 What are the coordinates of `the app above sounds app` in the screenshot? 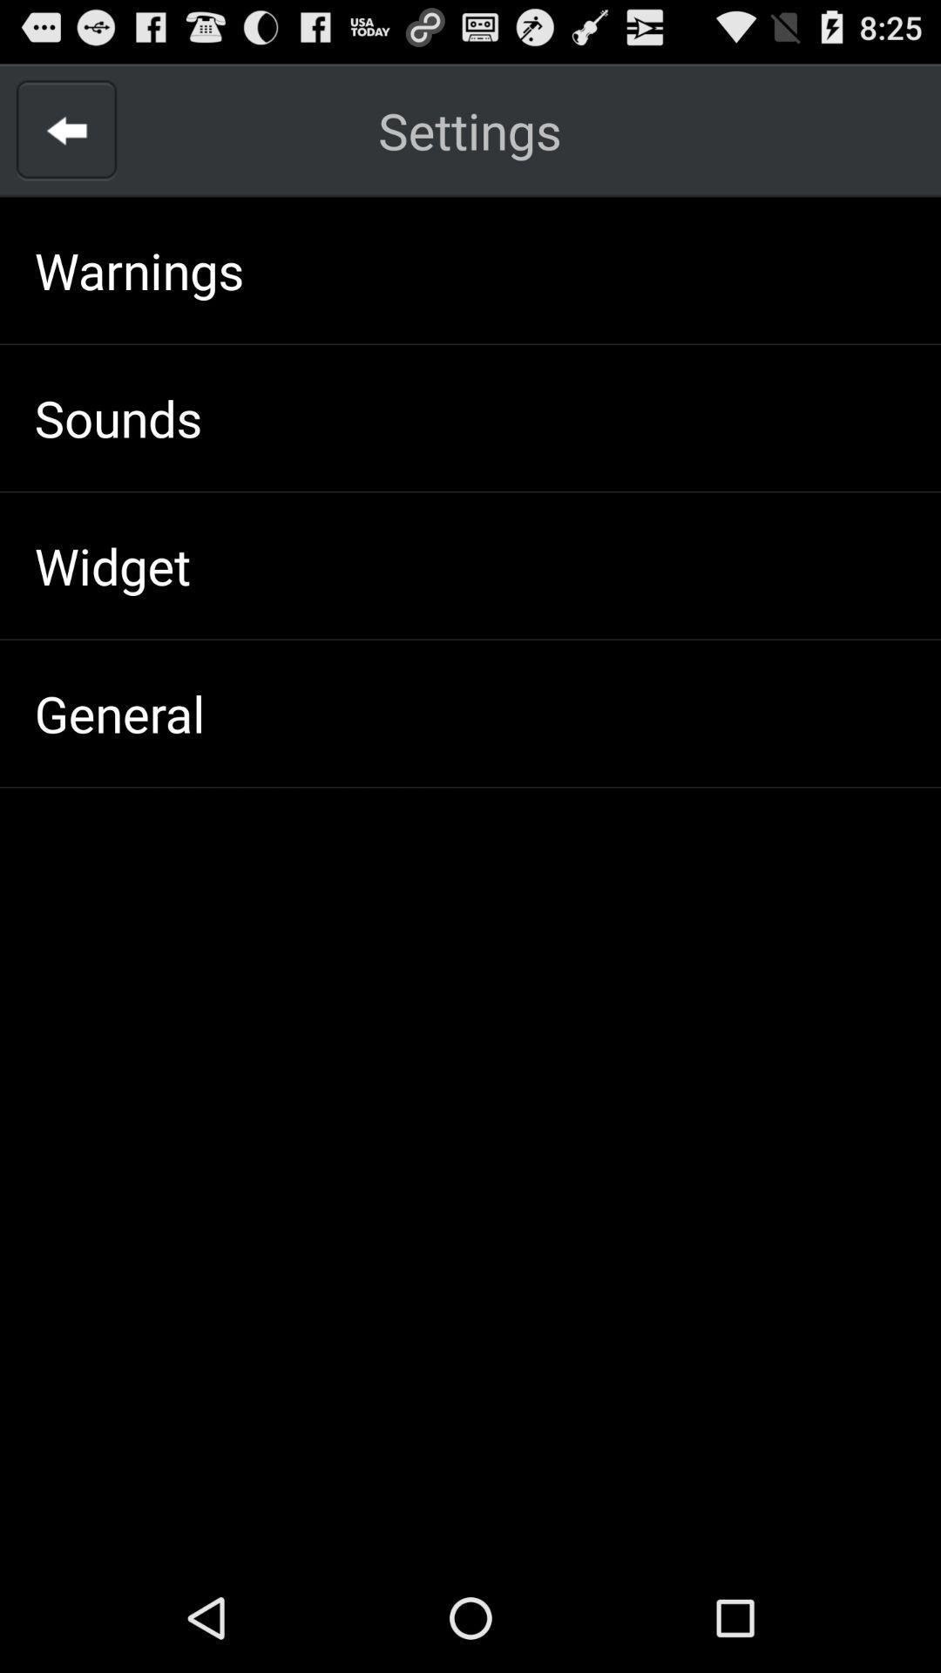 It's located at (139, 269).